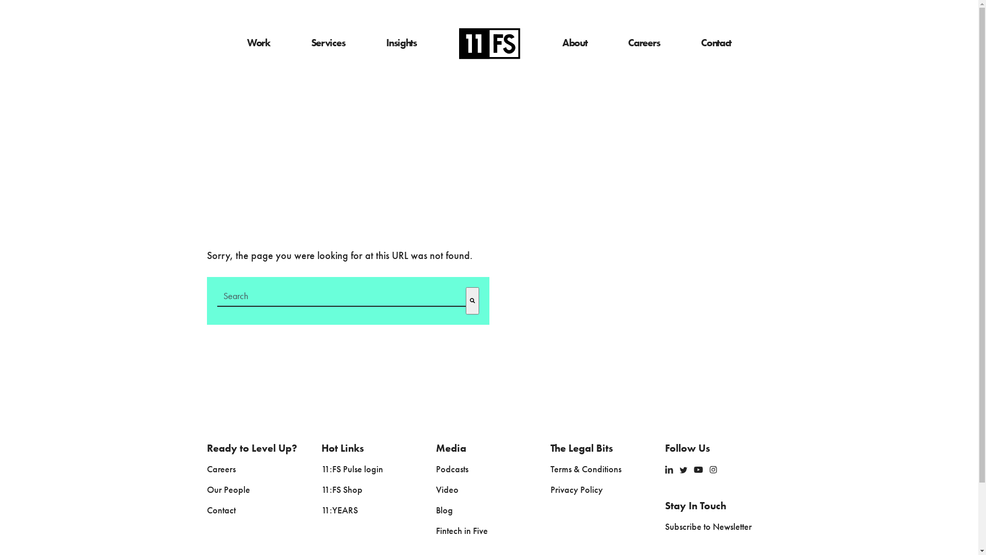 Image resolution: width=986 pixels, height=555 pixels. Describe the element at coordinates (665, 527) in the screenshot. I see `'Subscribe to Newsletter'` at that location.